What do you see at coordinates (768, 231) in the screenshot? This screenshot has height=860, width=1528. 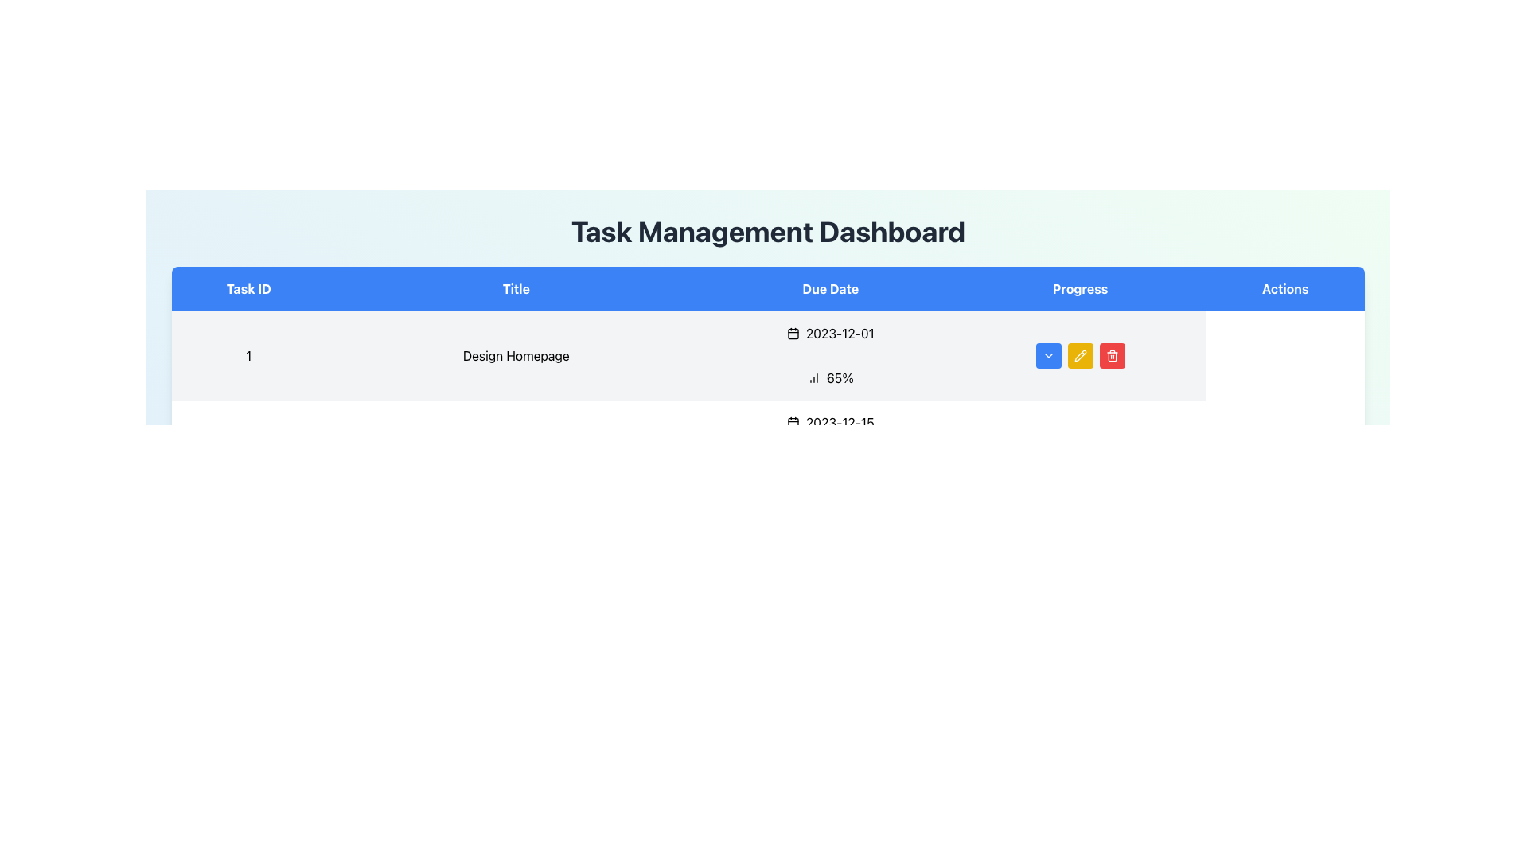 I see `the large, bold text element that reads 'Task Management Dashboard', which is located at the top center of the interface` at bounding box center [768, 231].